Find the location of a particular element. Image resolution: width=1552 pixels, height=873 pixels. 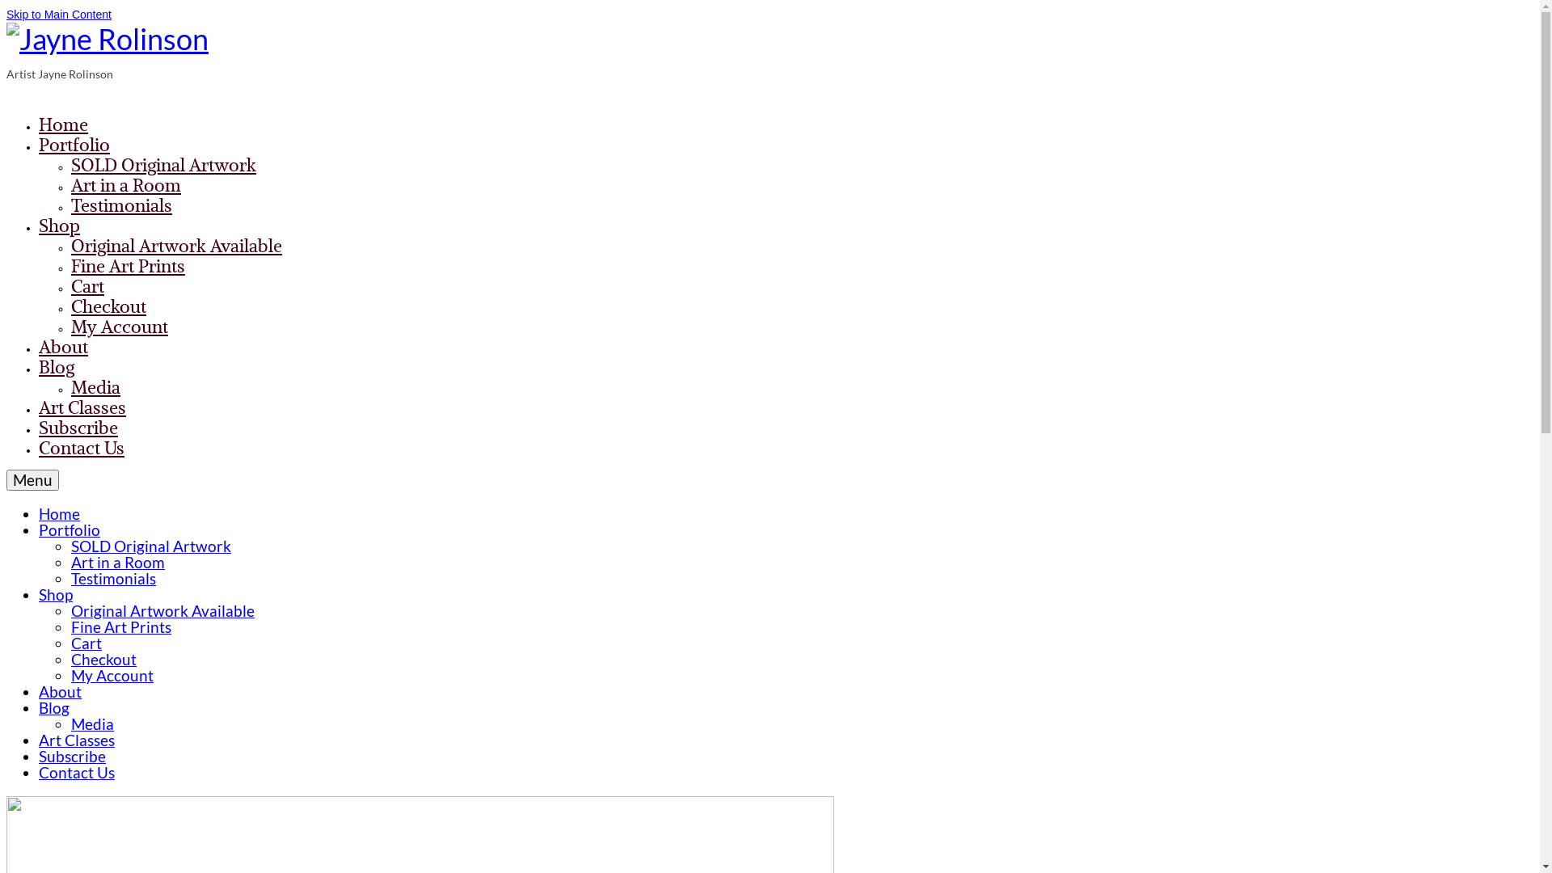

'My Account' is located at coordinates (112, 675).